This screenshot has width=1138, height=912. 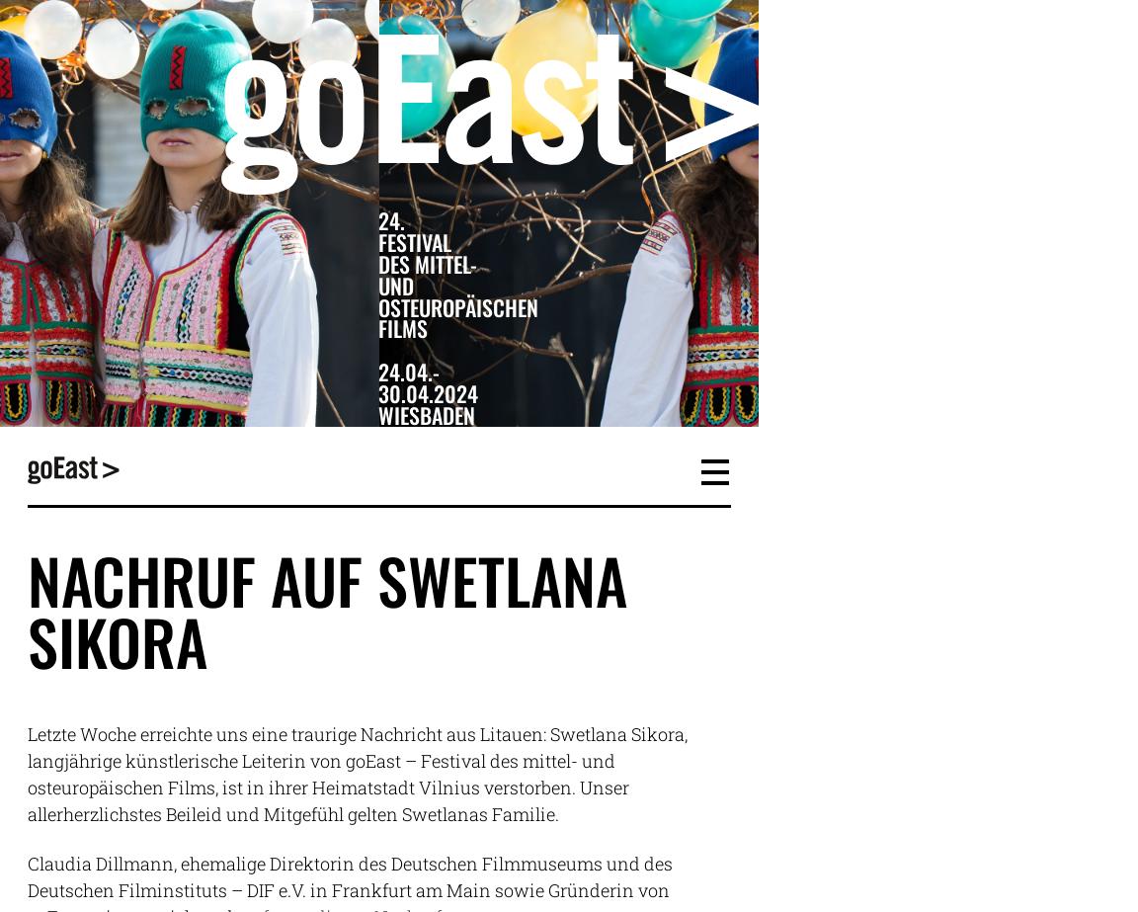 I want to click on '24.', so click(x=390, y=219).